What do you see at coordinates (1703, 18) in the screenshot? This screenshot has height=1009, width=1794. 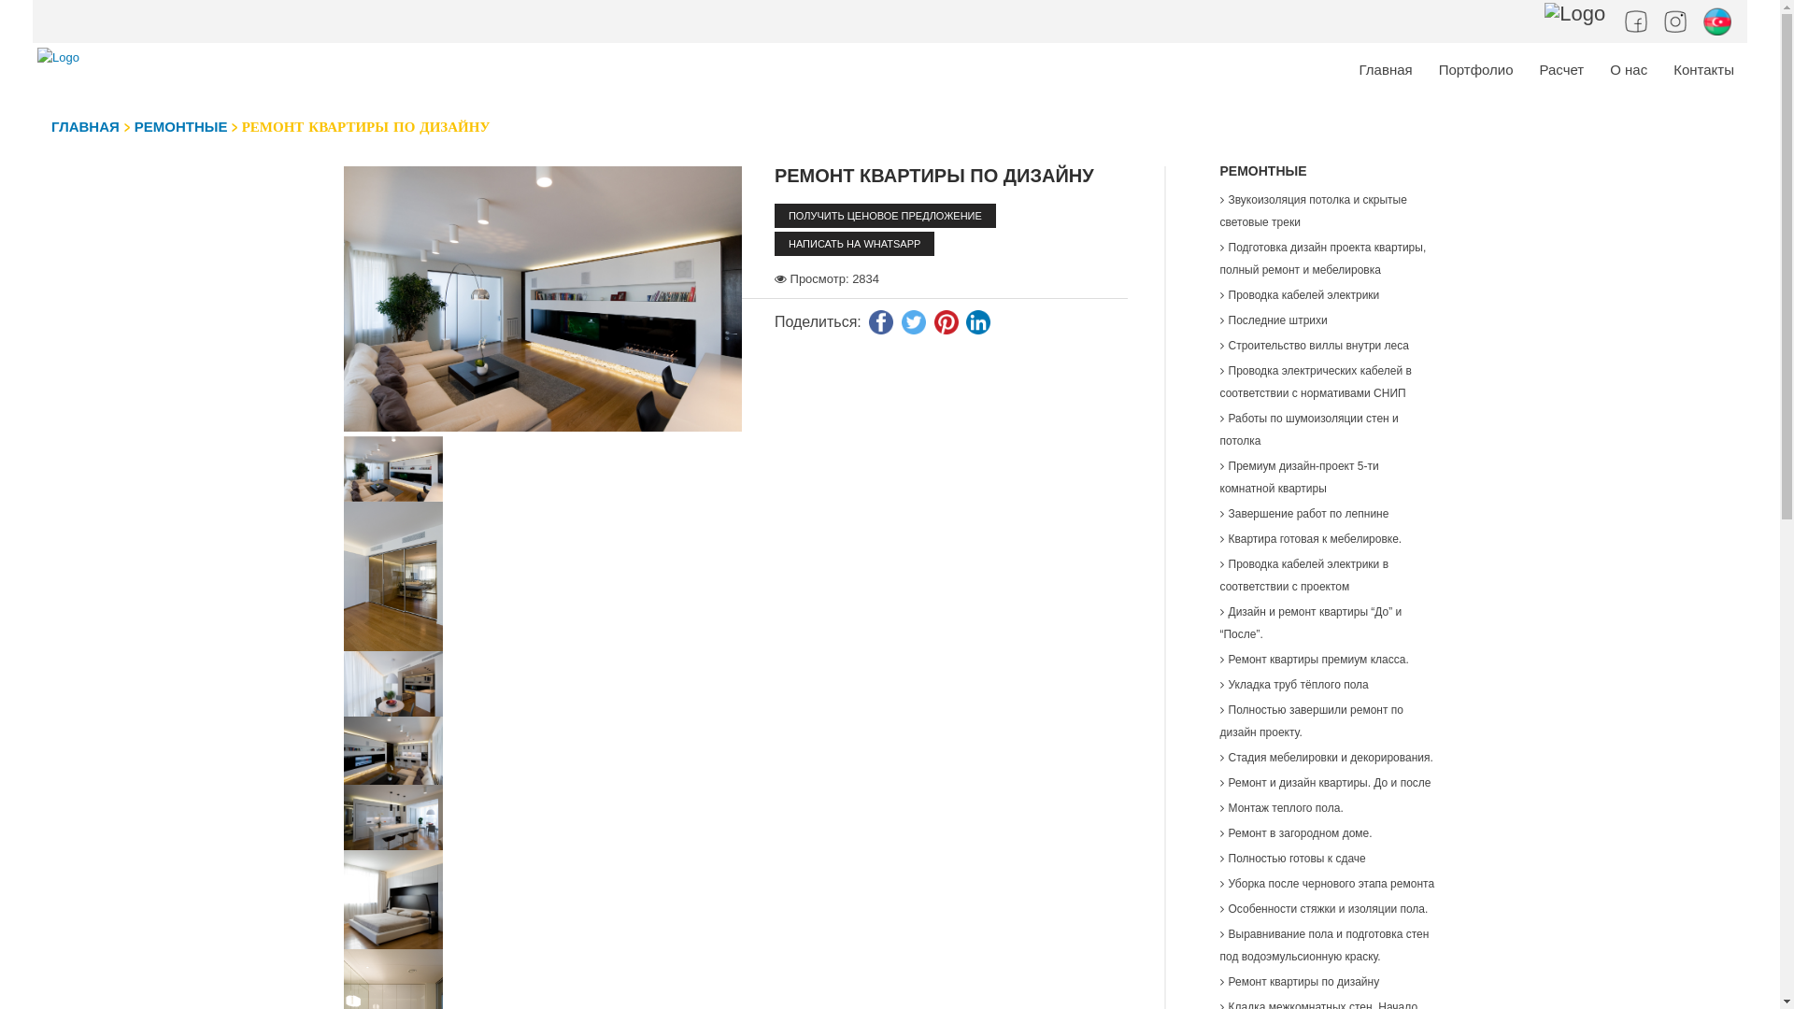 I see `'Lang-Azerbaijani'` at bounding box center [1703, 18].